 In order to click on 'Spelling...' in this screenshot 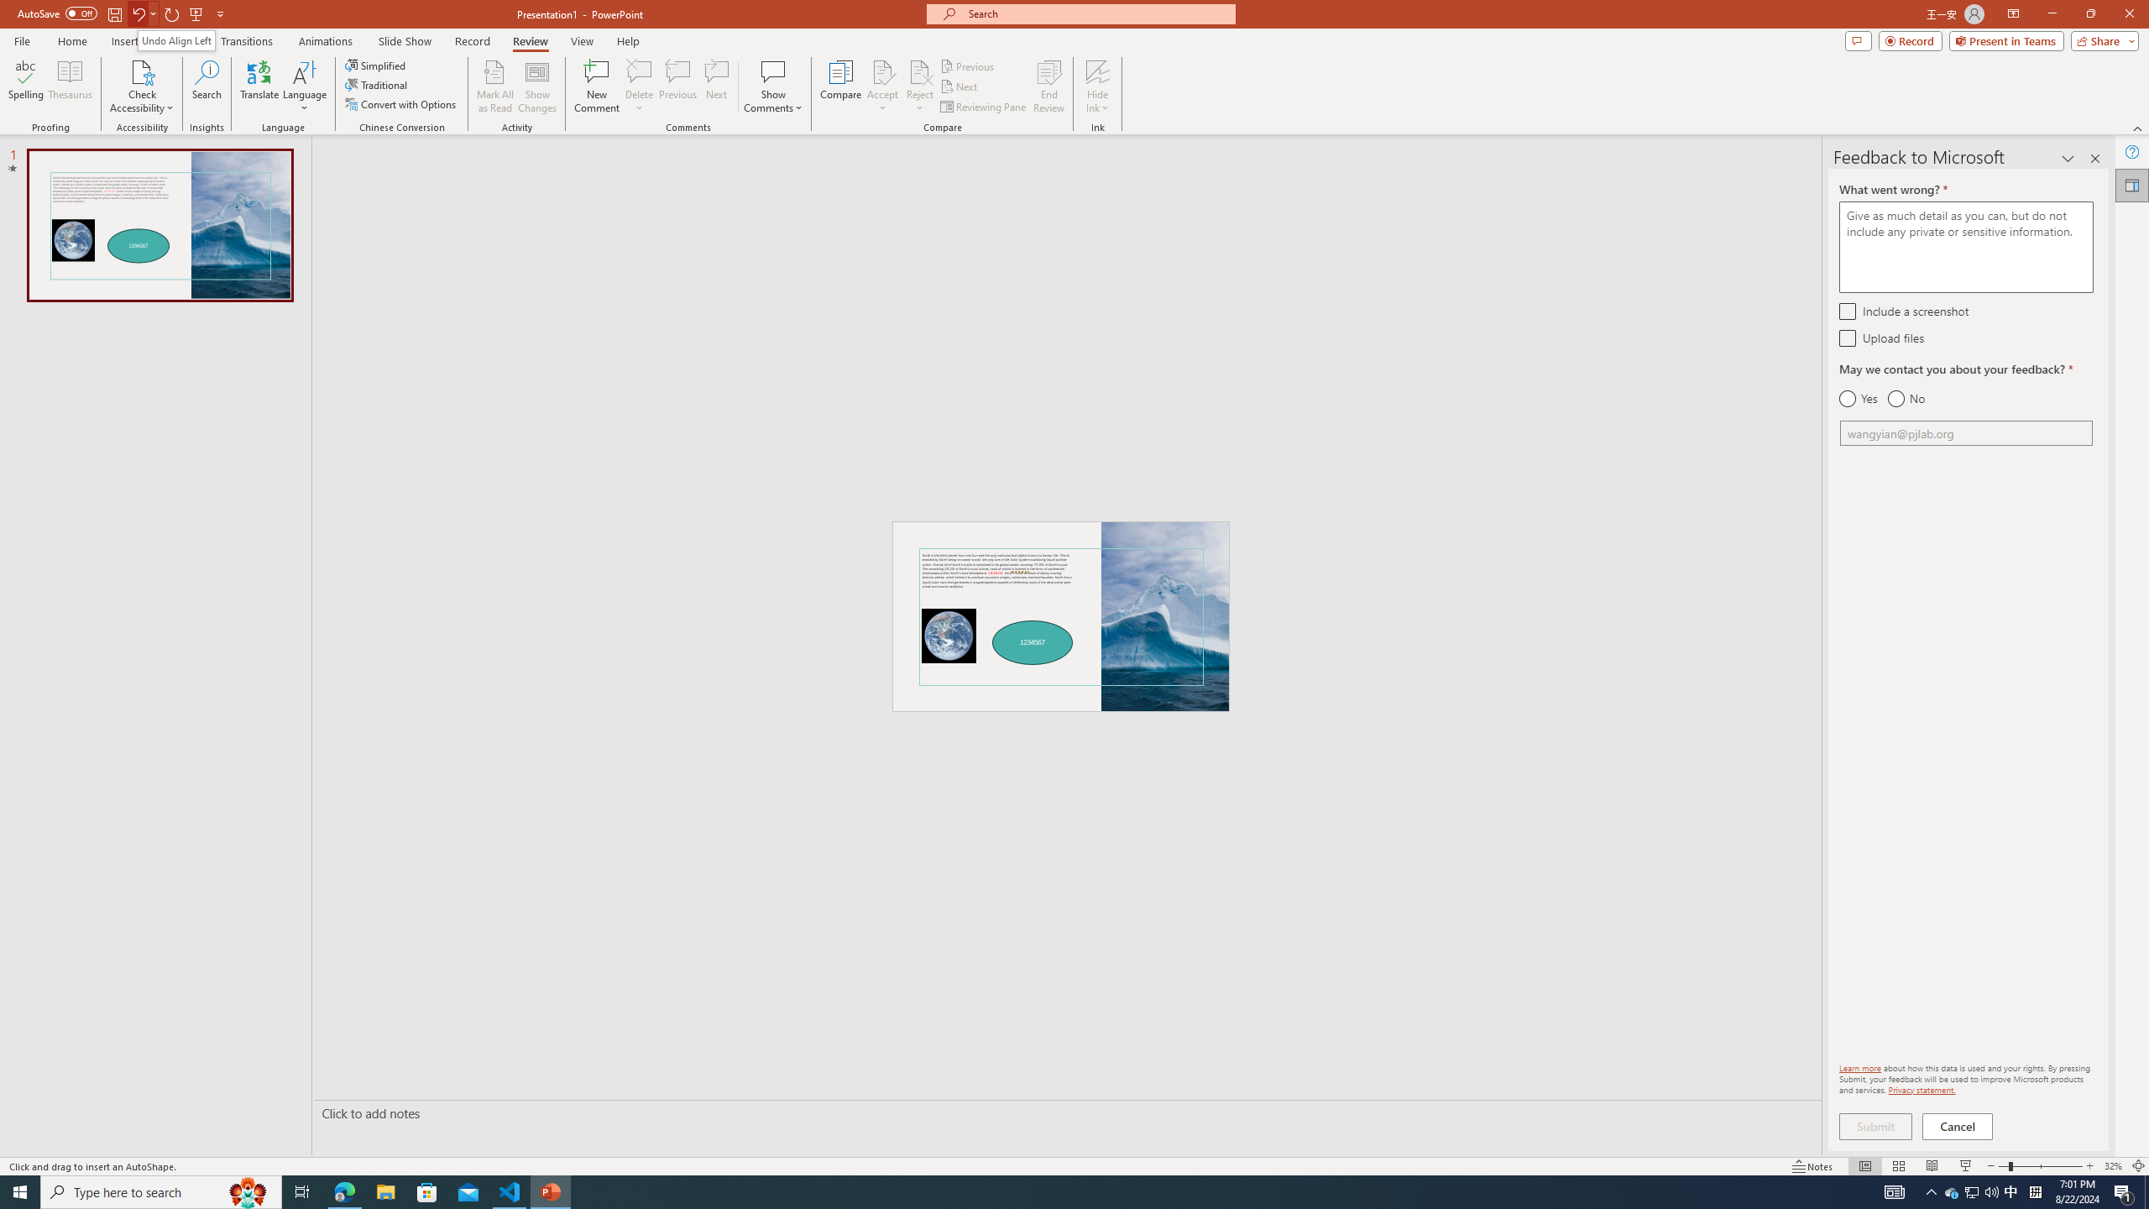, I will do `click(24, 86)`.